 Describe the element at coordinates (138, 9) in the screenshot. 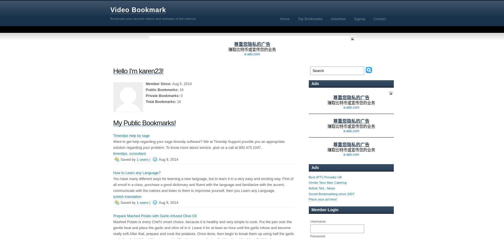

I see `'Video Bookmark'` at that location.